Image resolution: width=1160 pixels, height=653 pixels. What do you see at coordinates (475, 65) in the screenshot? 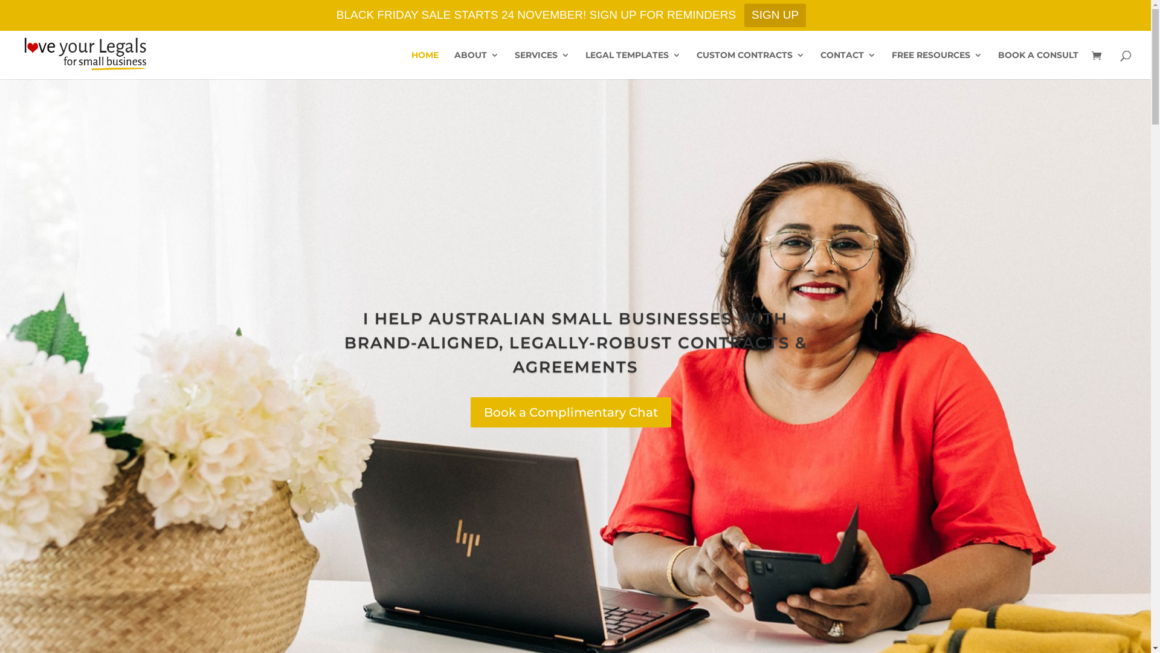
I see `'ABOUT'` at bounding box center [475, 65].